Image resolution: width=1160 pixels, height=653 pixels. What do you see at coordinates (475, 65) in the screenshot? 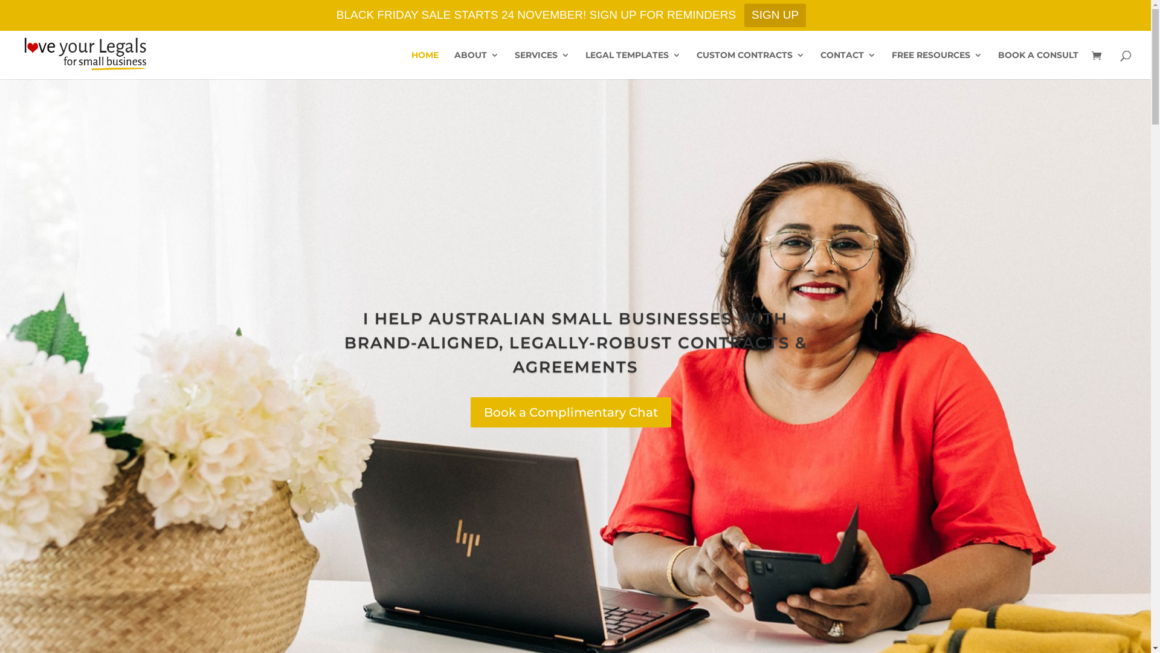
I see `'ABOUT'` at bounding box center [475, 65].